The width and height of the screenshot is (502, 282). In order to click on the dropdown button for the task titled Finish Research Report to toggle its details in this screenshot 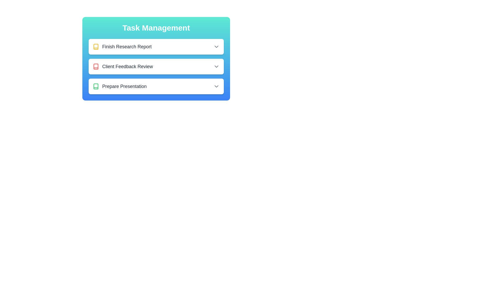, I will do `click(216, 46)`.